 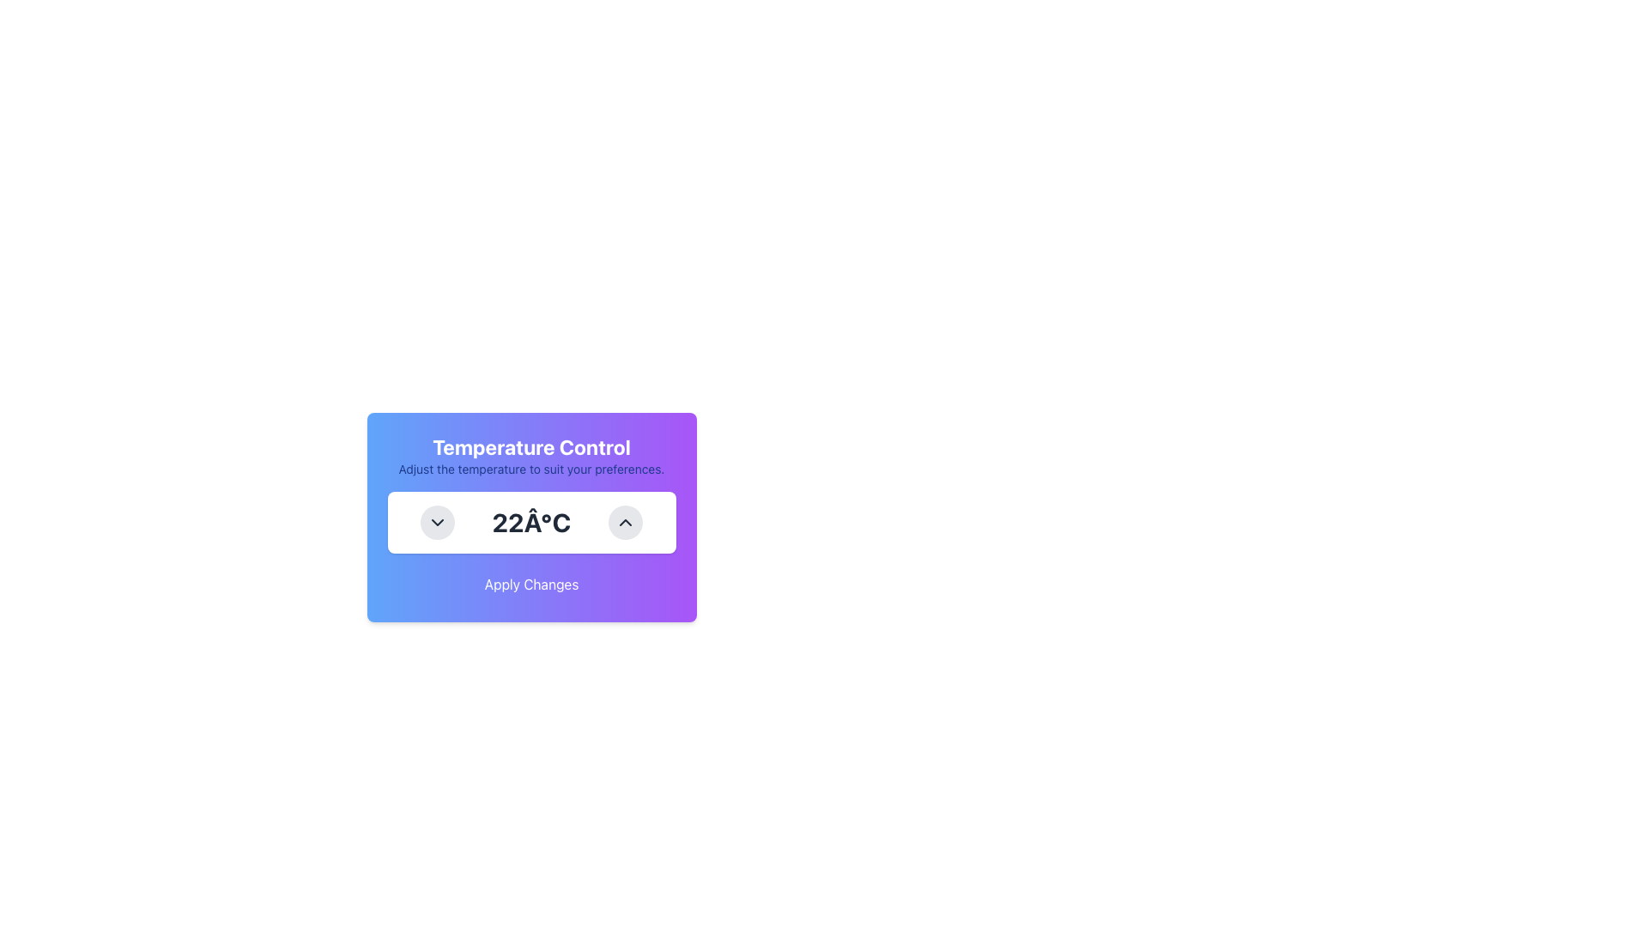 What do you see at coordinates (625, 522) in the screenshot?
I see `the increment button located at the top-right corner of the temperature control interface to increase the temperature value` at bounding box center [625, 522].